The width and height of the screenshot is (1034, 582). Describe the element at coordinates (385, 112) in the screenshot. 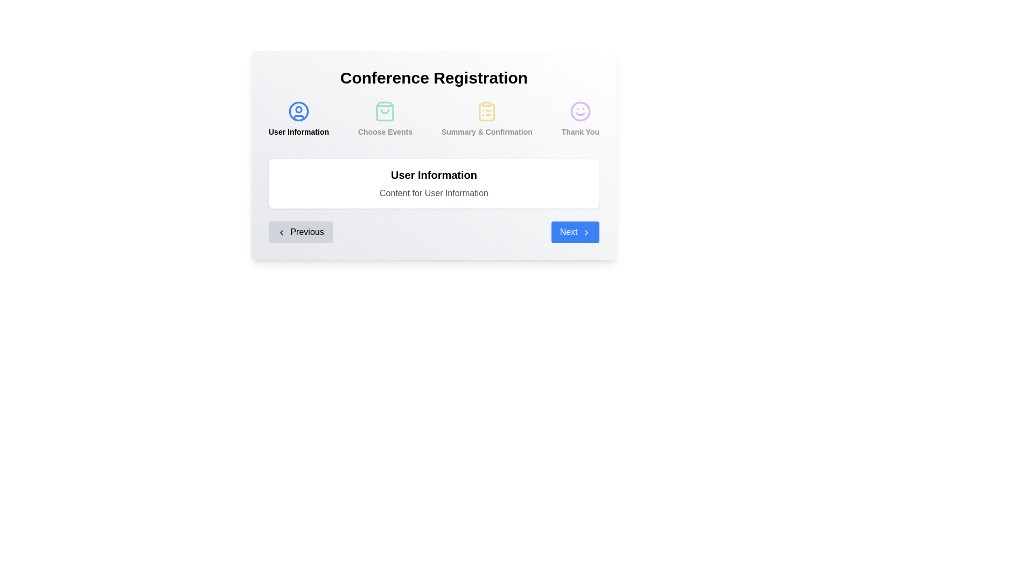

I see `the green shopping bag icon in the navigation panel that signifies the 'Choose Events' step` at that location.